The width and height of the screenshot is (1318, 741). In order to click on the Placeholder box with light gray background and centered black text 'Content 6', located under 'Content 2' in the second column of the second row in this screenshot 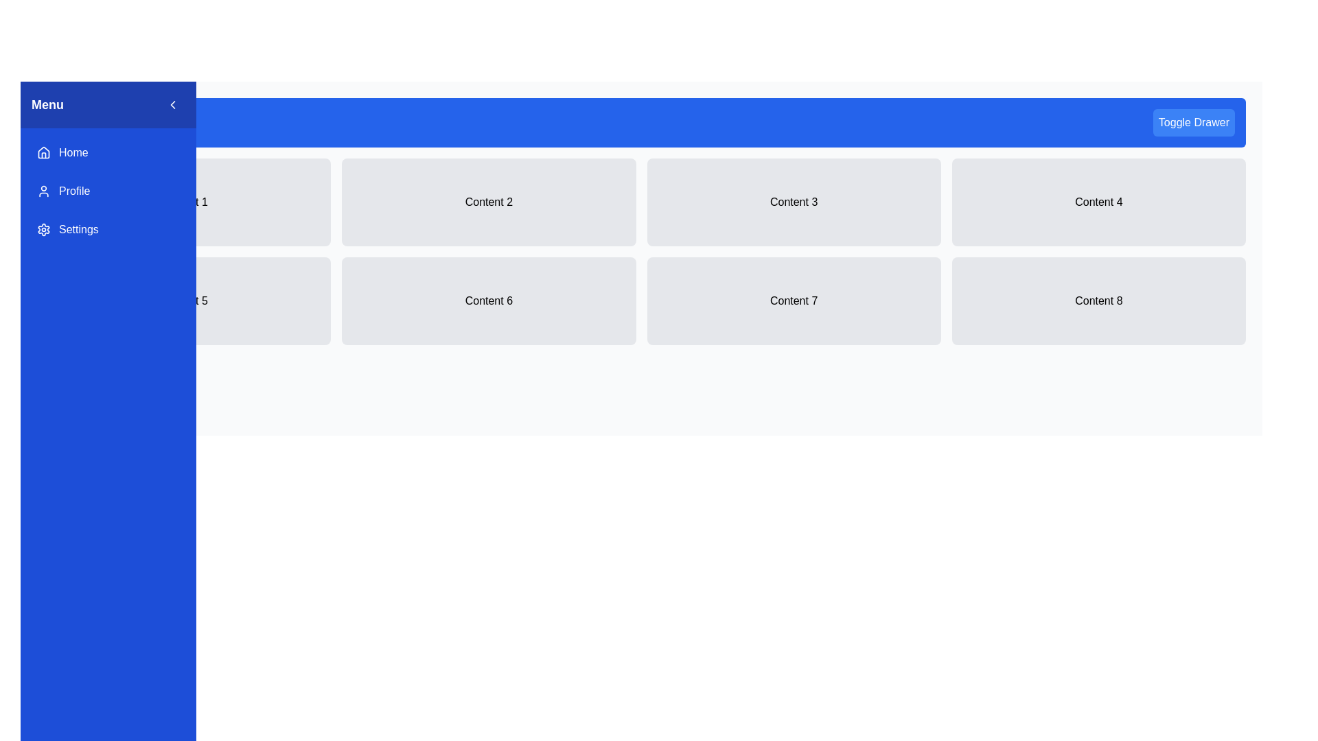, I will do `click(489, 301)`.